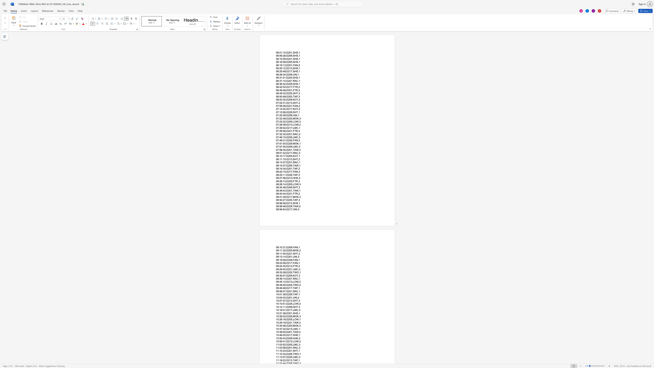 The image size is (654, 368). I want to click on the subset text "01,TA" within the text "08:39:43,E201,TAW,1", so click(289, 190).